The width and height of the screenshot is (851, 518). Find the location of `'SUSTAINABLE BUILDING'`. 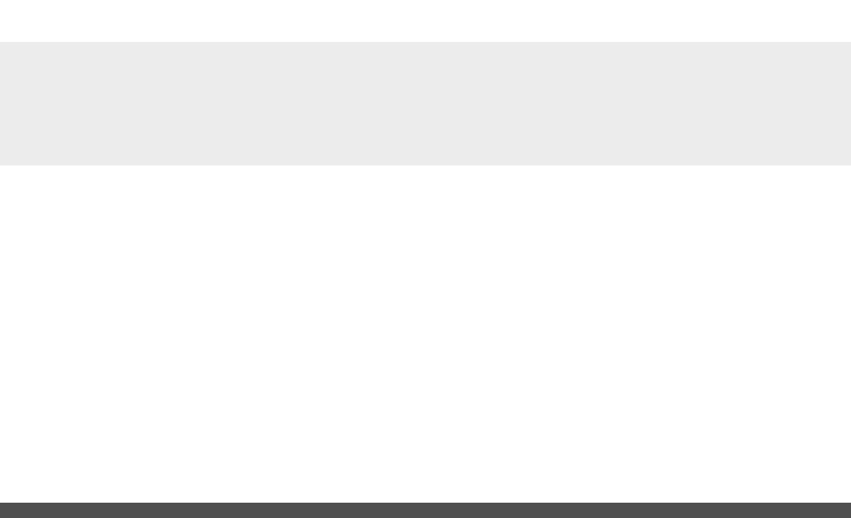

'SUSTAINABLE BUILDING' is located at coordinates (210, 97).